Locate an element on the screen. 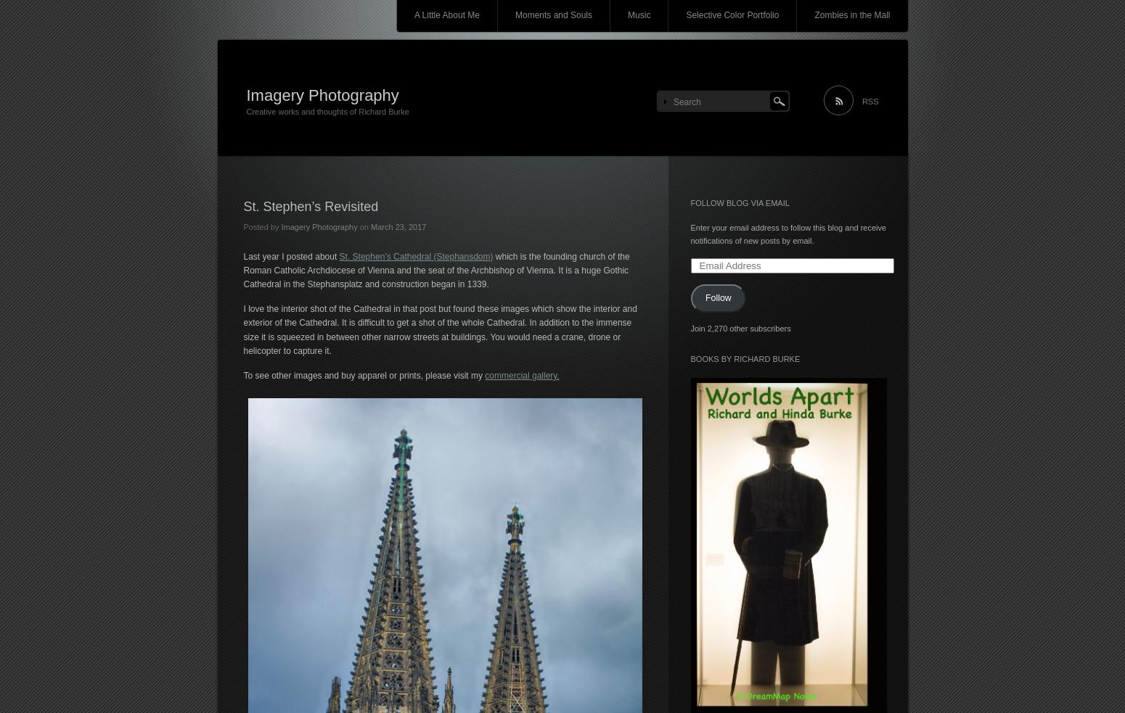  'I love the interior shot of the Cathedral in that post but found these images which show the interior and exterior of the Cathedral. It is difficult to get a shot of the whole Cathedral. In addition to the immense size it is squeezed in between other narrow streets at buildings. You would need a crane, drone or helicopter to capture it.' is located at coordinates (440, 329).